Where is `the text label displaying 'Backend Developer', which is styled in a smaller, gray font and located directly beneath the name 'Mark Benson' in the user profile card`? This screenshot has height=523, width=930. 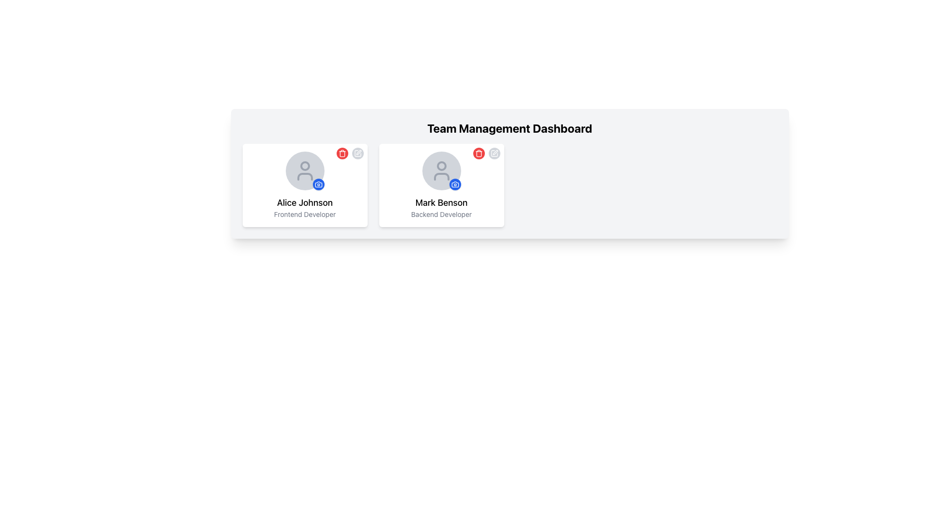 the text label displaying 'Backend Developer', which is styled in a smaller, gray font and located directly beneath the name 'Mark Benson' in the user profile card is located at coordinates (441, 214).